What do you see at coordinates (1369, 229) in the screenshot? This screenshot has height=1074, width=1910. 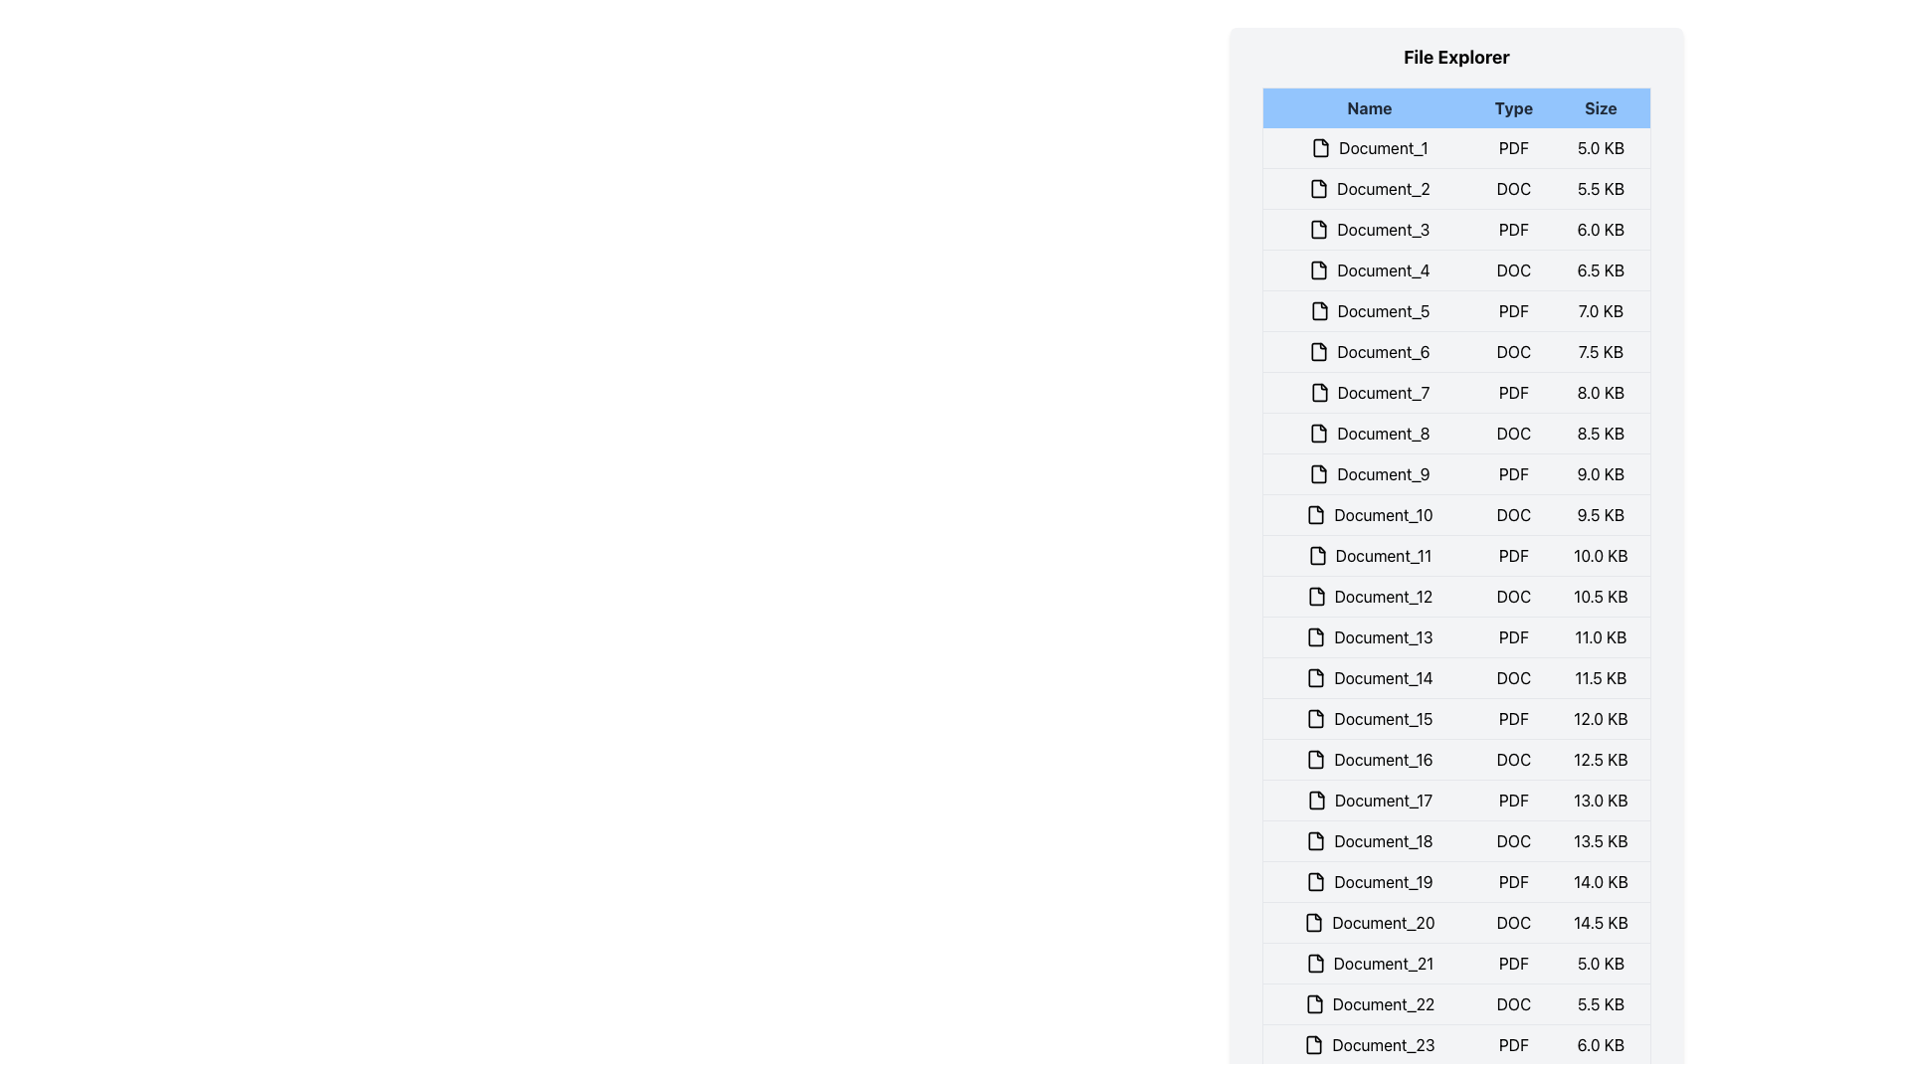 I see `the text label displaying 'Document_3', which is part of the file listing interface in the leftmost column under the 'Name' header` at bounding box center [1369, 229].